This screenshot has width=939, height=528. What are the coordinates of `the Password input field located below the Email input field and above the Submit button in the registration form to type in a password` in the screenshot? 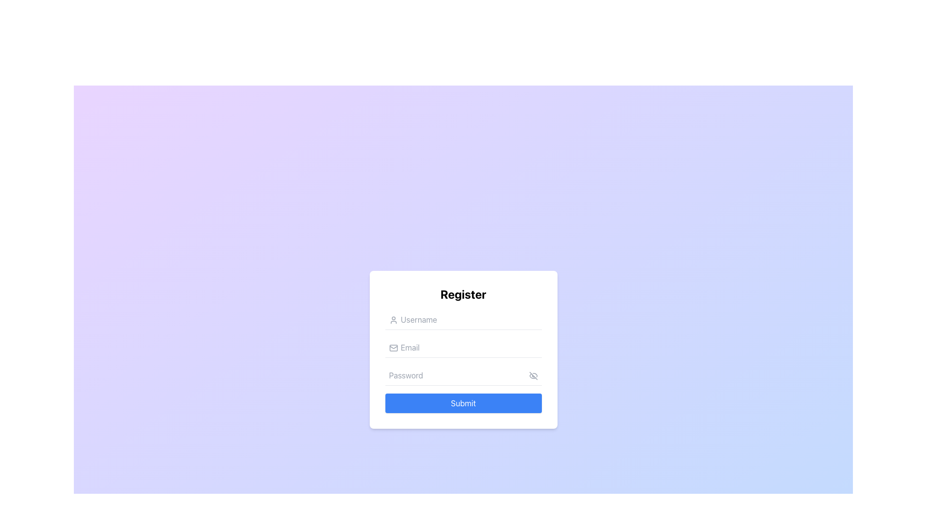 It's located at (463, 374).